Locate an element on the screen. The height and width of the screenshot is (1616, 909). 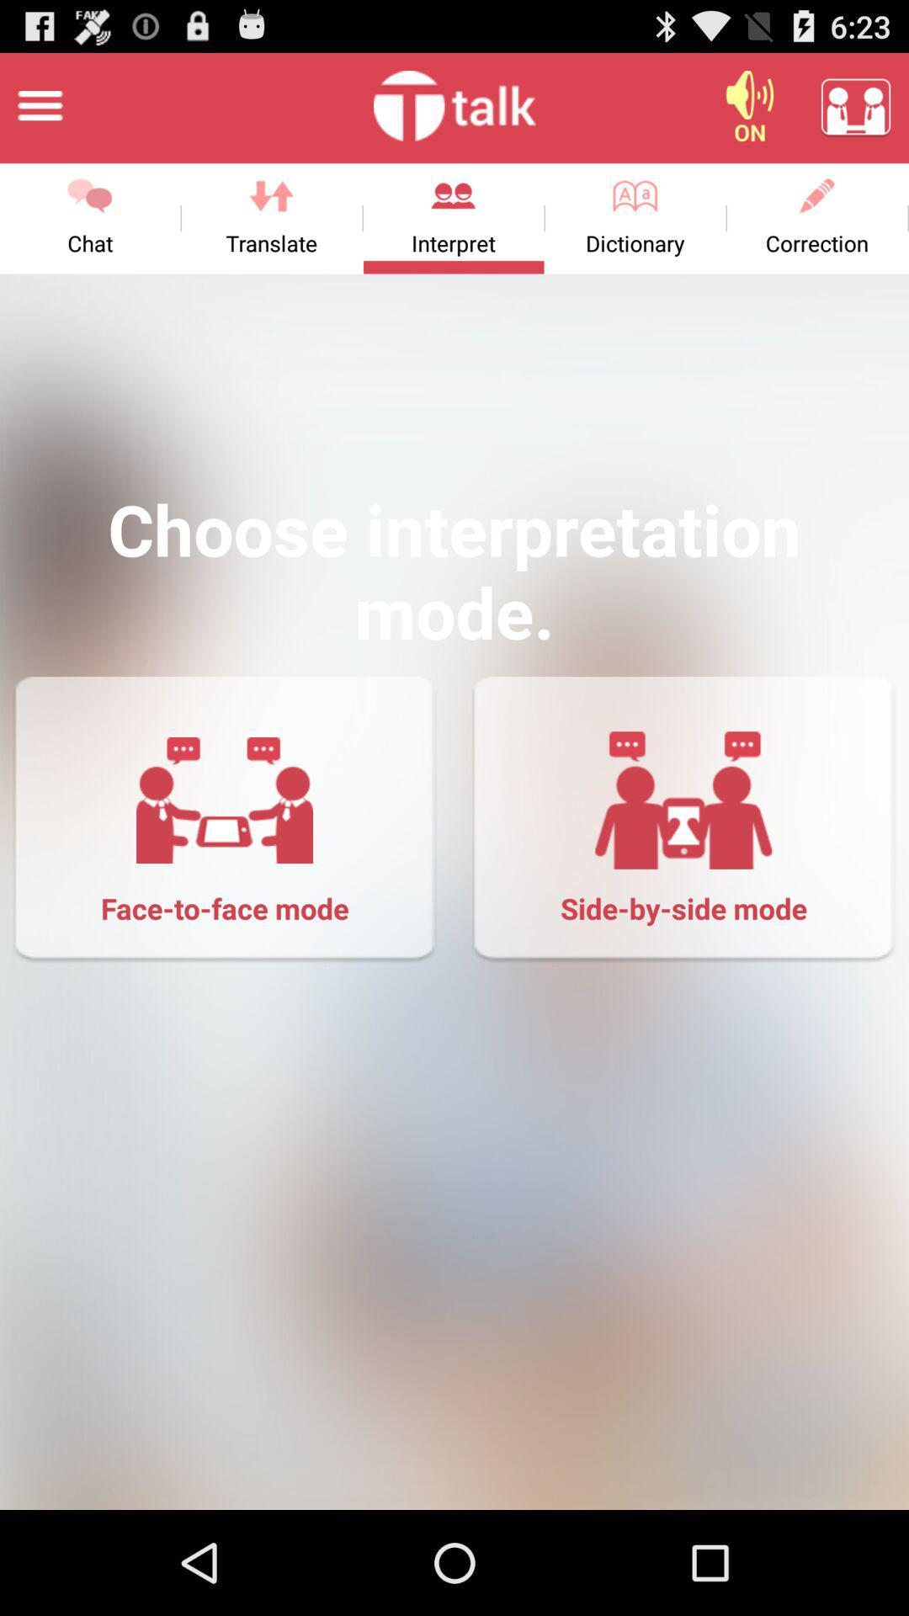
the menu icon is located at coordinates (39, 112).